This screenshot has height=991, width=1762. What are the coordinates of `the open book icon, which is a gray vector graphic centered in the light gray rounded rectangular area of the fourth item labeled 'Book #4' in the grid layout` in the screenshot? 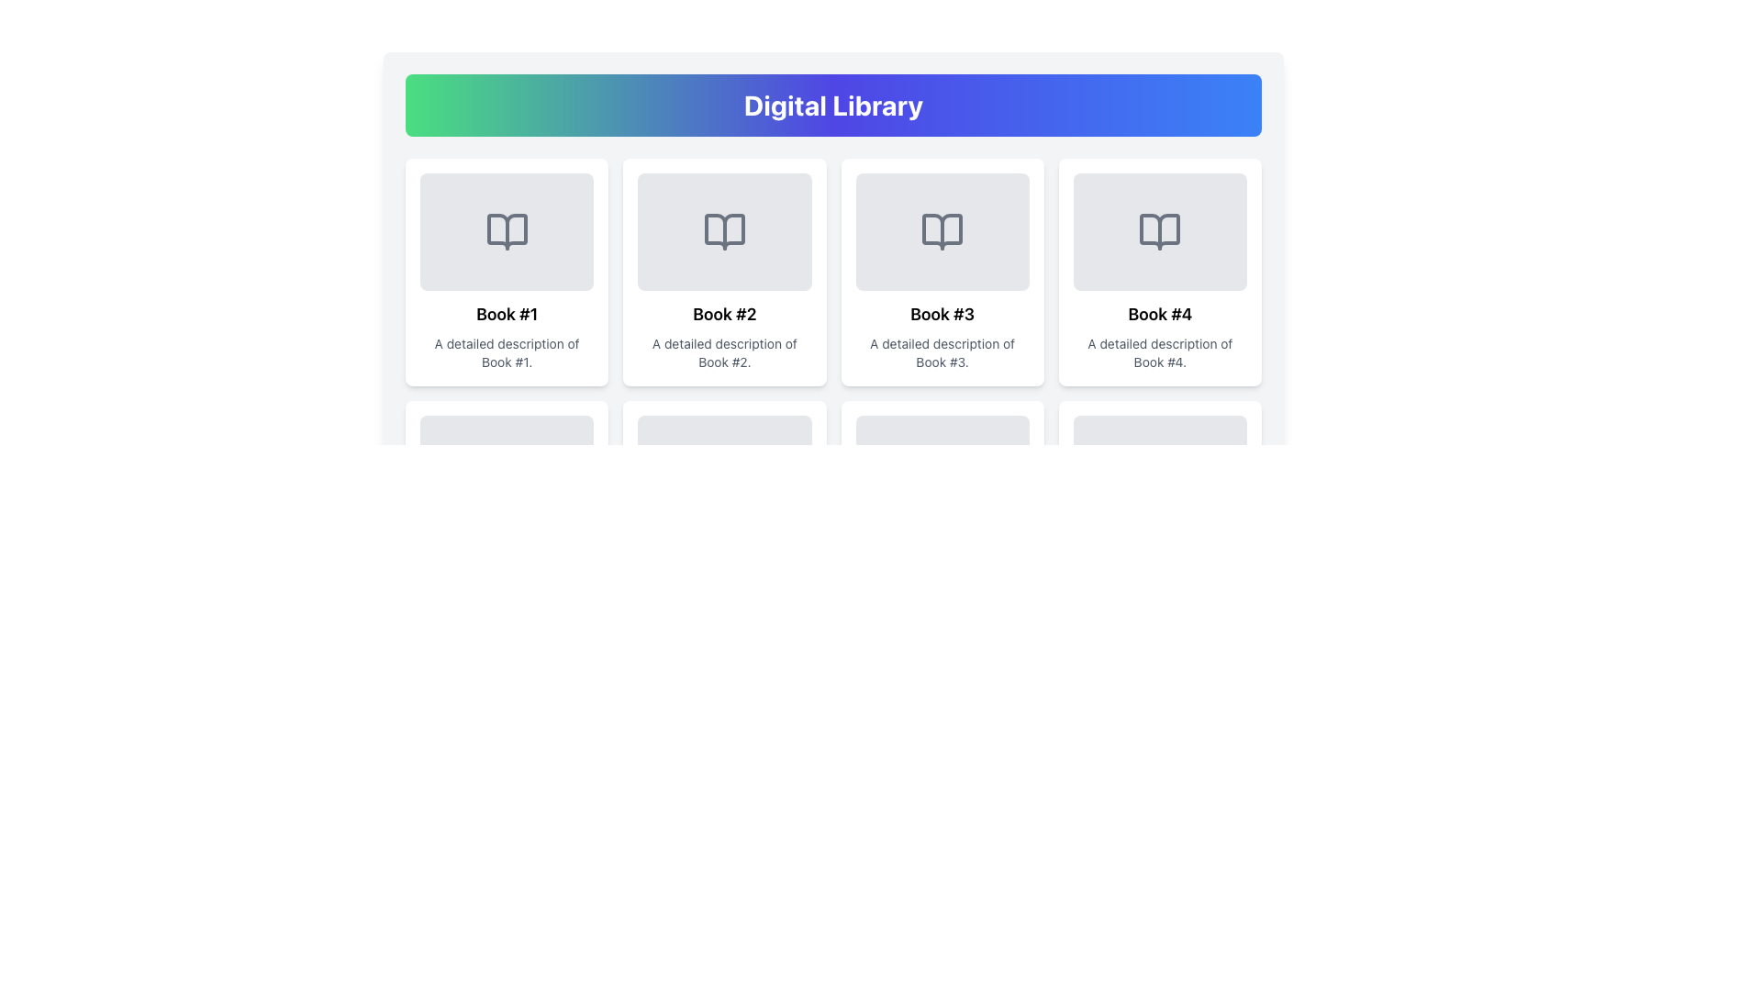 It's located at (1159, 231).